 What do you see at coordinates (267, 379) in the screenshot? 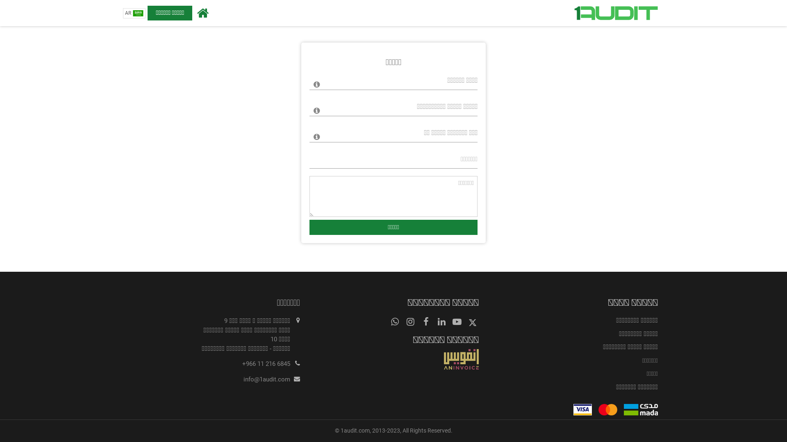
I see `'info@1audit.com'` at bounding box center [267, 379].